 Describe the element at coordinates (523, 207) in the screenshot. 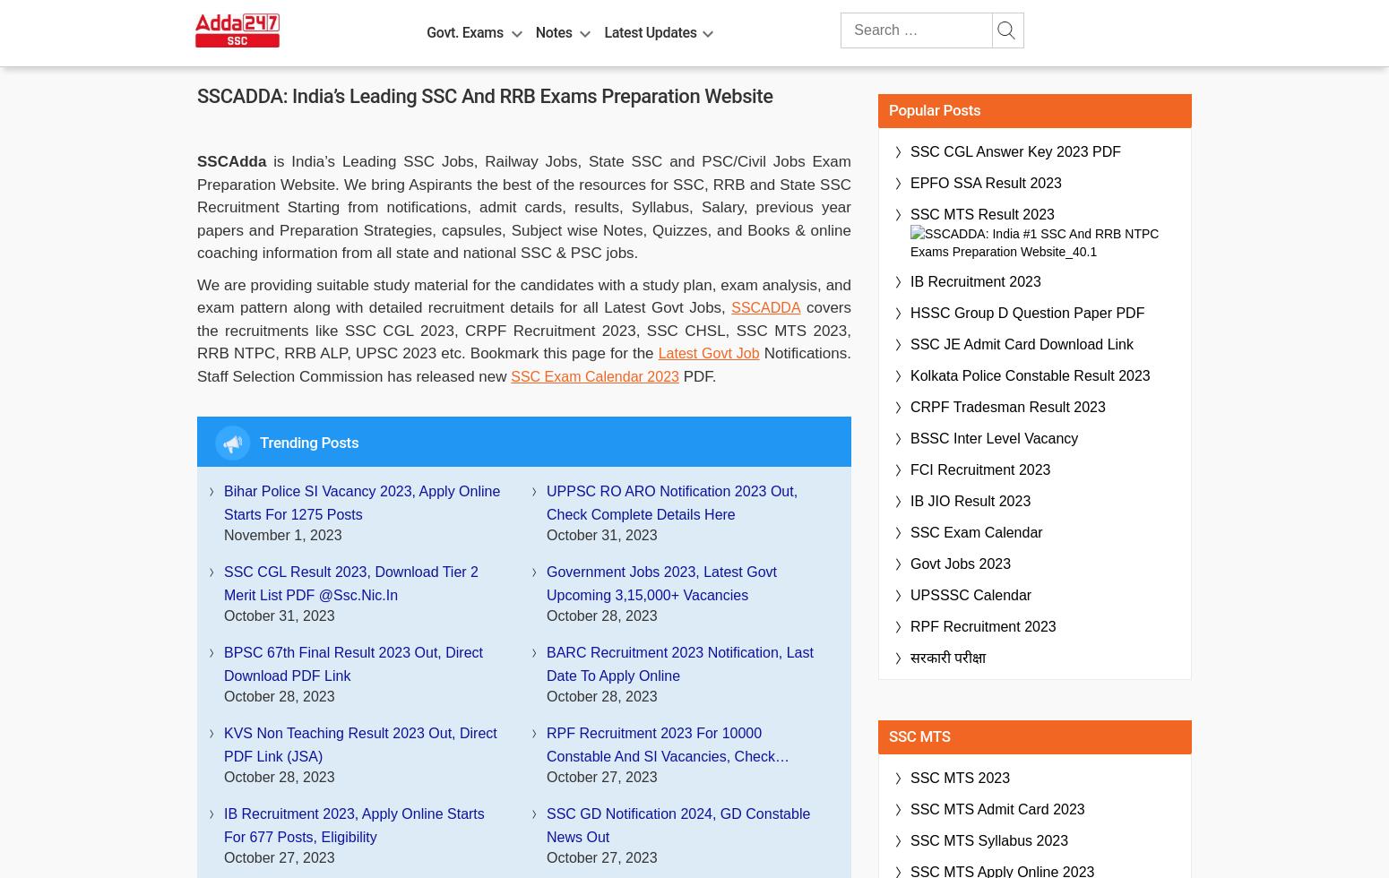

I see `'is India’s Leading SSC Jobs, Railway Jobs, State SSC and PSC/Civil Jobs Exam Preparation Website. We bring Aspirants the best of the resources for SSC, RRB and State SSC Recruitment Starting from notifications, admit cards, results, Syllabus, Salary, previous year papers and Preparation Strategies, capsules, Subject wise Notes, Quizzes, and Books & online coaching information from all state and national SSC & PSC jobs.'` at that location.